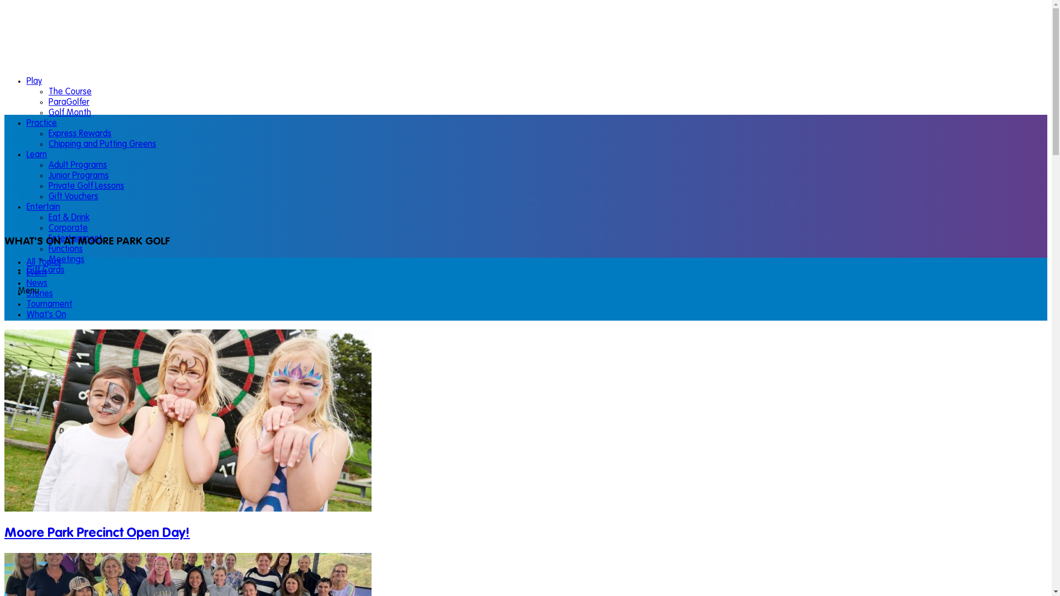  I want to click on 'The Course', so click(47, 91).